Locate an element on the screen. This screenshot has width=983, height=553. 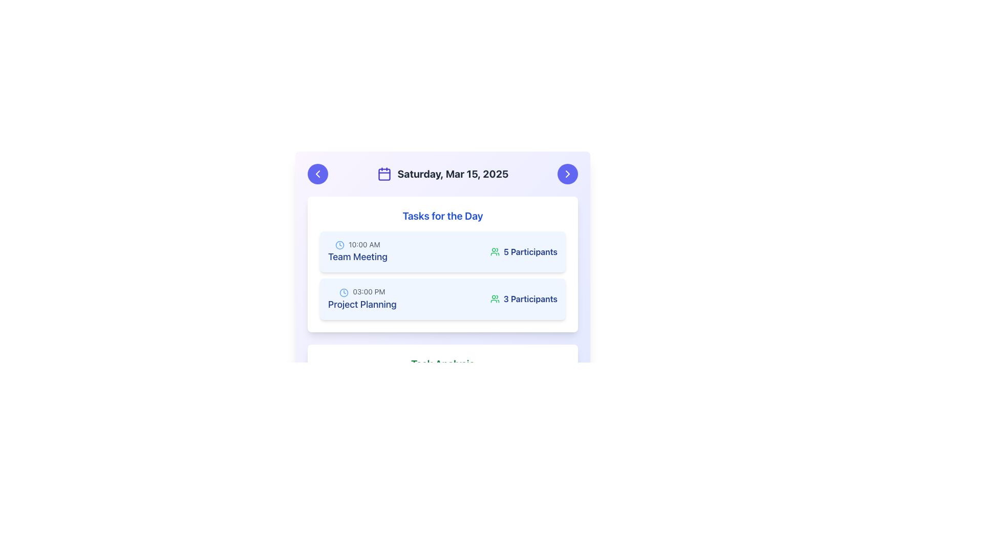
the SVG Circle representing the clock face in the clock icon, located at the start of the '03:00 PM Project Planning' item in the 'Tasks for the Day' section is located at coordinates (340, 245).